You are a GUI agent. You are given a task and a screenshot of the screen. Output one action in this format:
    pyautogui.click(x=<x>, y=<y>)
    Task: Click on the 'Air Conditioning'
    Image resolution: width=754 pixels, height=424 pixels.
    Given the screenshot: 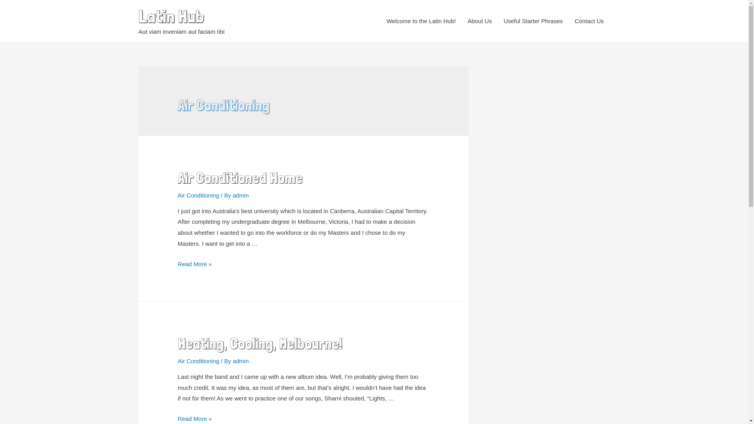 What is the action you would take?
    pyautogui.click(x=198, y=195)
    